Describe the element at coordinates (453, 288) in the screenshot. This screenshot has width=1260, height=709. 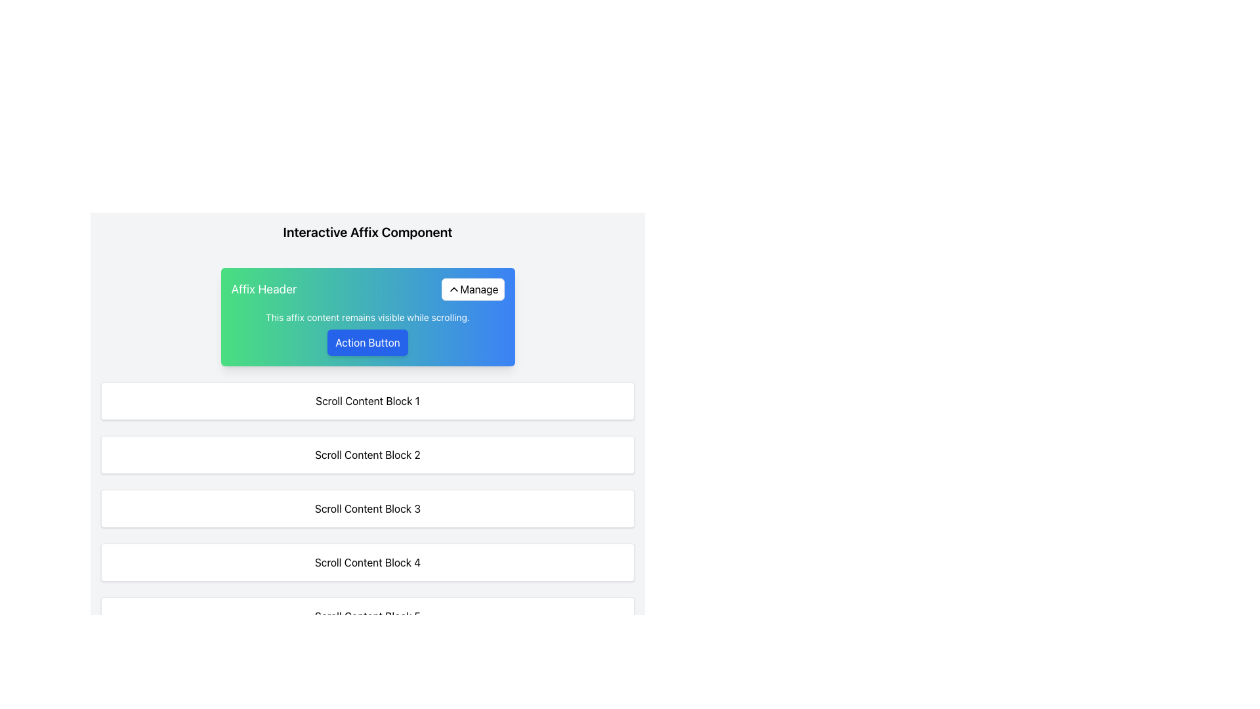
I see `the chevron up icon located in the top-right region of the interface's content panel next` at that location.